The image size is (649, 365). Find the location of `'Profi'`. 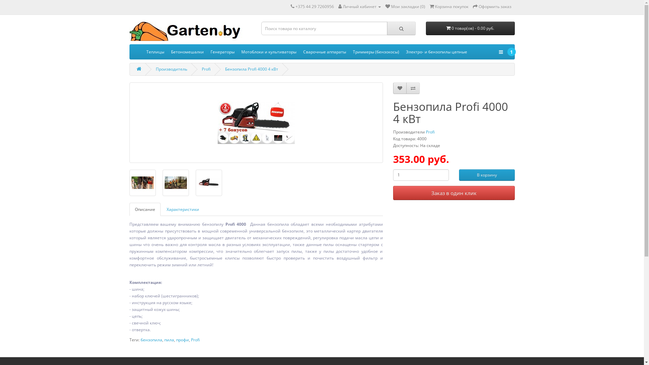

'Profi' is located at coordinates (201, 69).